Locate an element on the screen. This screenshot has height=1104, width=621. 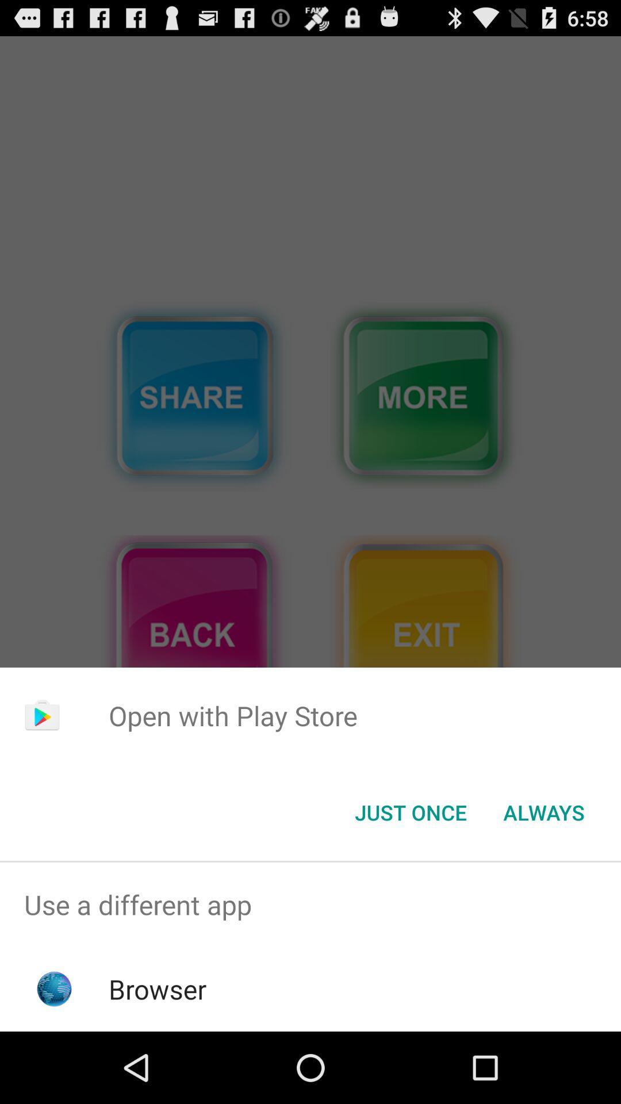
the use a different is located at coordinates (310, 904).